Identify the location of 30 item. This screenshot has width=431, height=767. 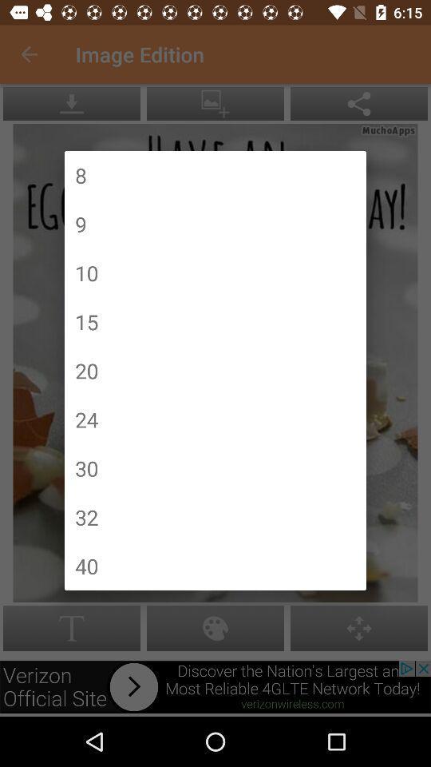
(86, 468).